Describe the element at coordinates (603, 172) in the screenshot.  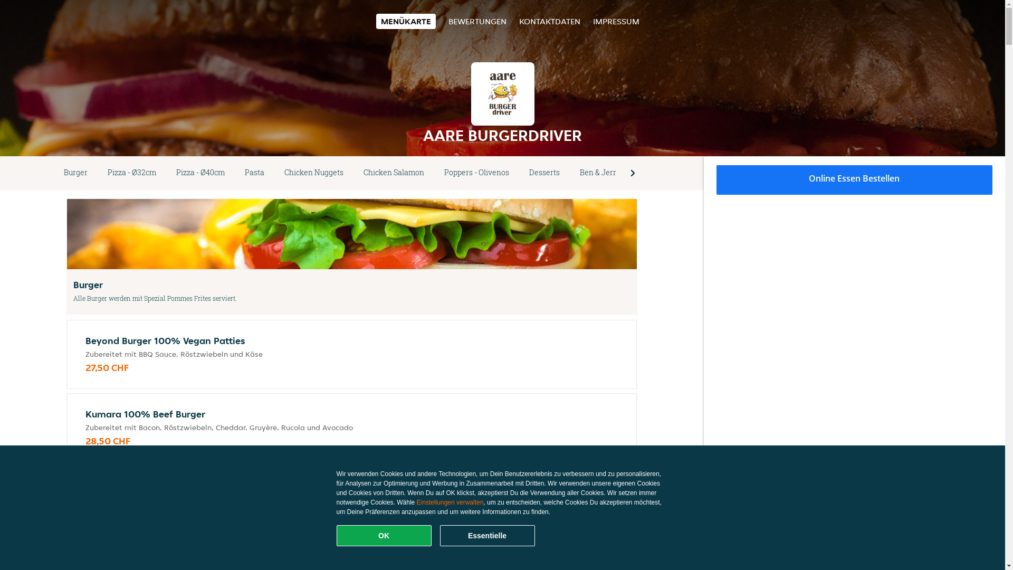
I see `'Ben & Jerry's'` at that location.